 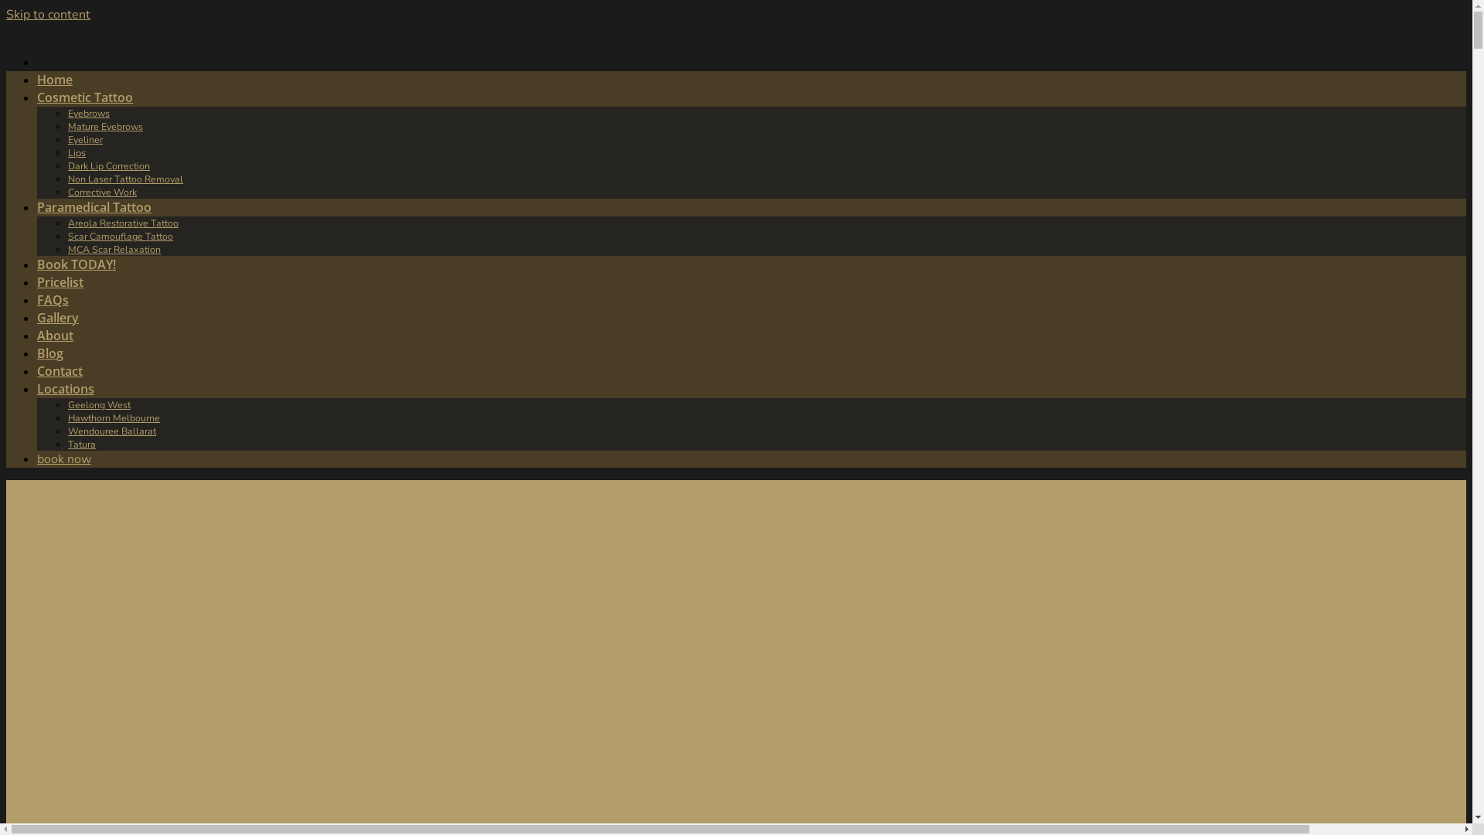 What do you see at coordinates (37, 458) in the screenshot?
I see `'book now'` at bounding box center [37, 458].